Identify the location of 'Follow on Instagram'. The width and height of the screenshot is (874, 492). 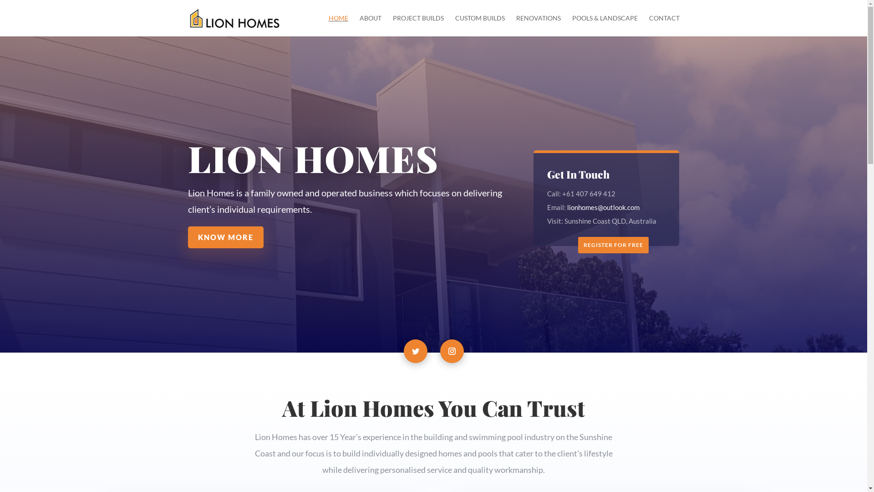
(452, 351).